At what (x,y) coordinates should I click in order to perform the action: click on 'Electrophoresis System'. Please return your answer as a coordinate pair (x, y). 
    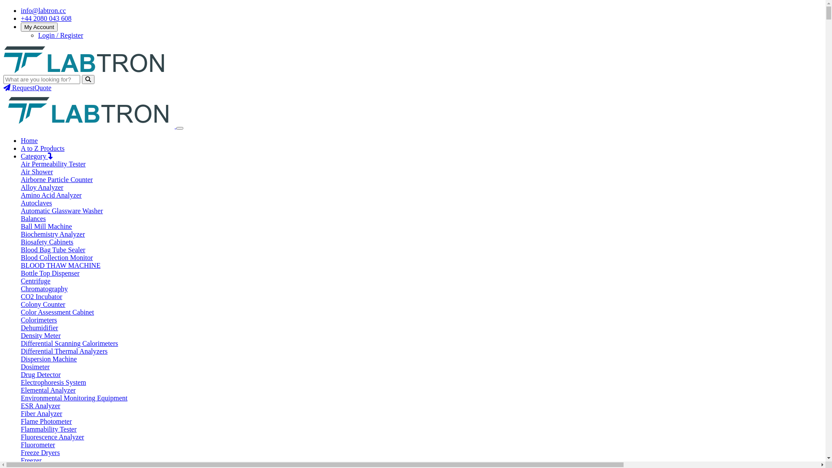
    Looking at the image, I should click on (21, 382).